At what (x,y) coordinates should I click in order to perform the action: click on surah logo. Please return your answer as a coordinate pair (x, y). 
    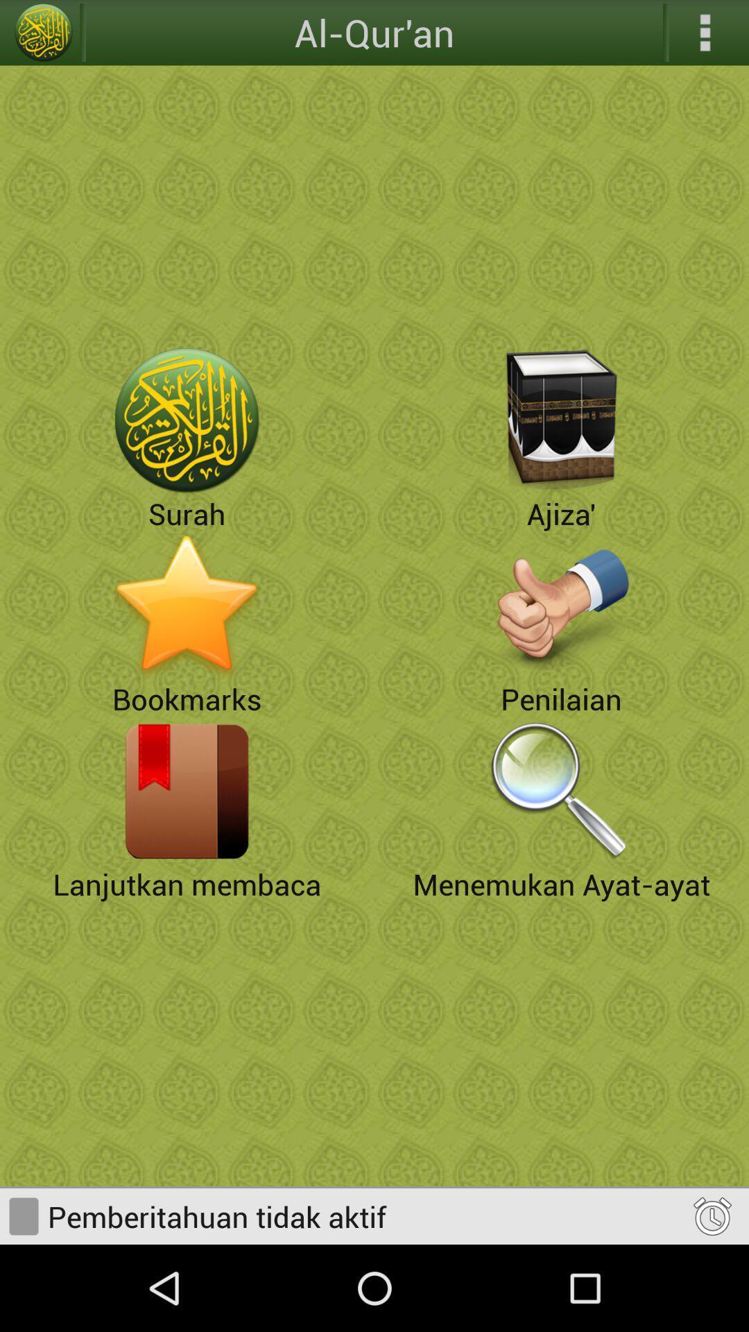
    Looking at the image, I should click on (187, 420).